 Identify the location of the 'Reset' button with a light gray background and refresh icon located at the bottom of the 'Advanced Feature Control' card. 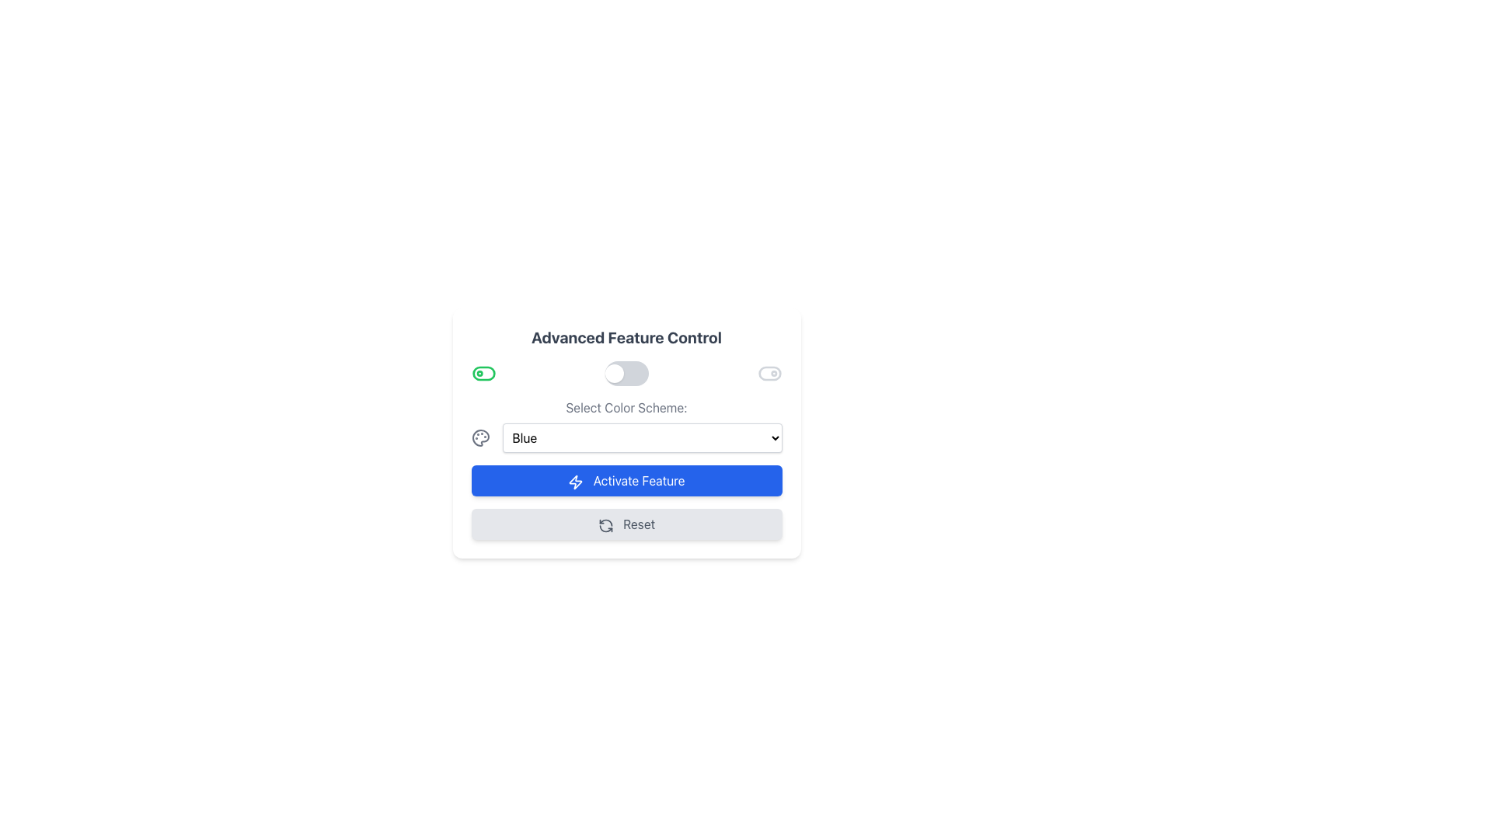
(626, 524).